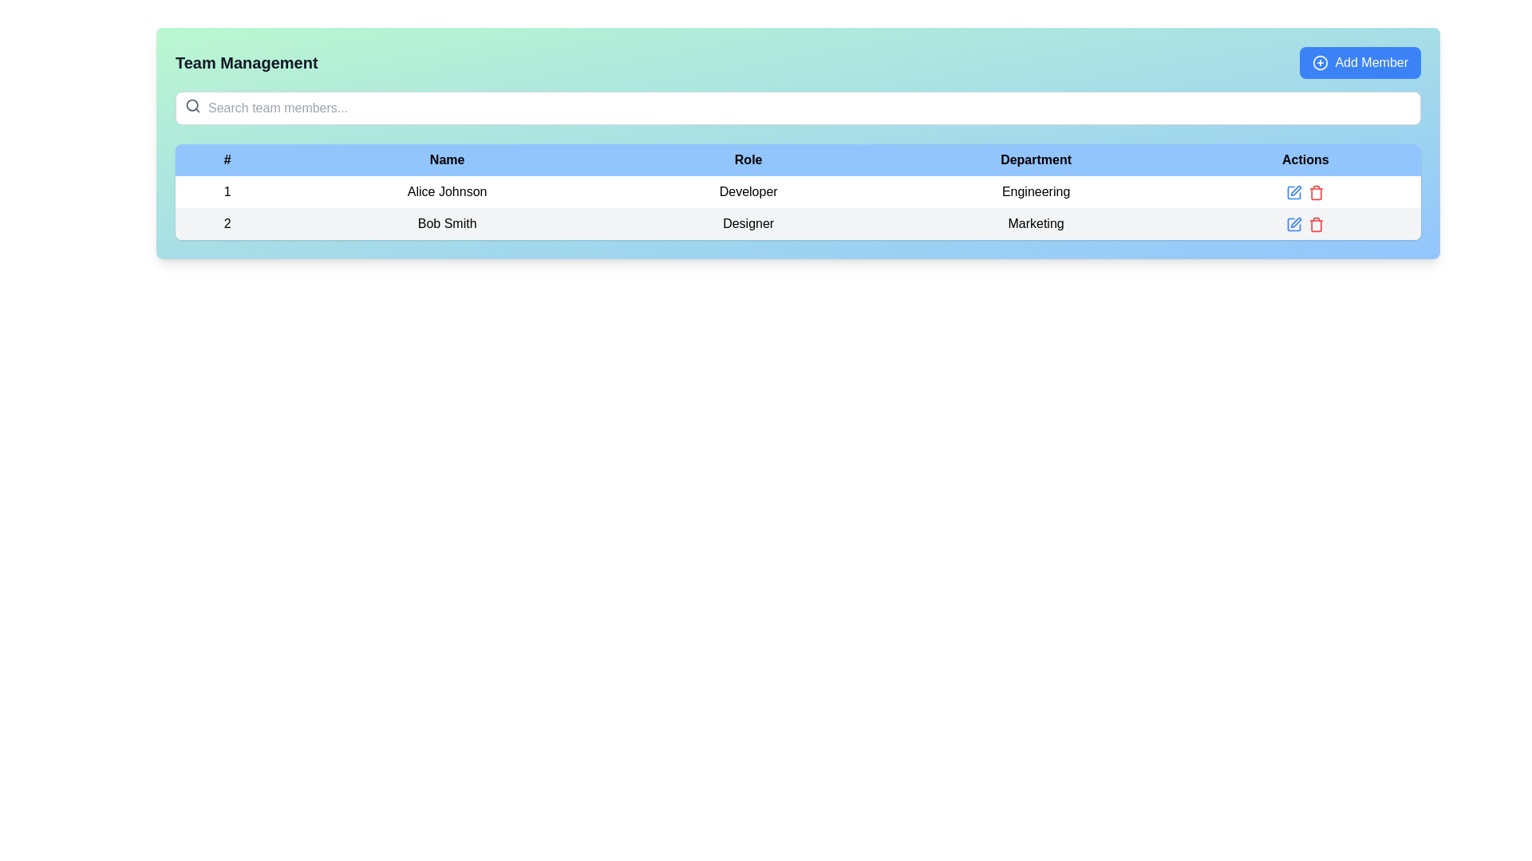 The height and width of the screenshot is (861, 1532). I want to click on the delete button for 'Bob Smith' in the Actions column of the table, so click(1317, 224).